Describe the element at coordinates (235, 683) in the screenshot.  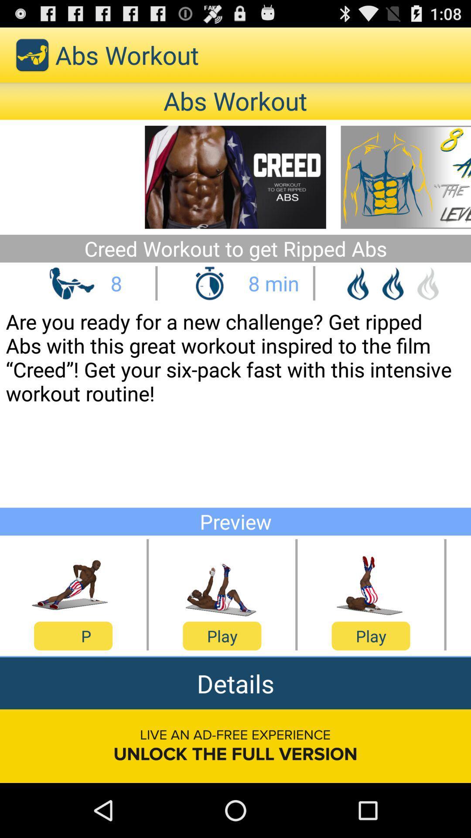
I see `the item above live an ad` at that location.